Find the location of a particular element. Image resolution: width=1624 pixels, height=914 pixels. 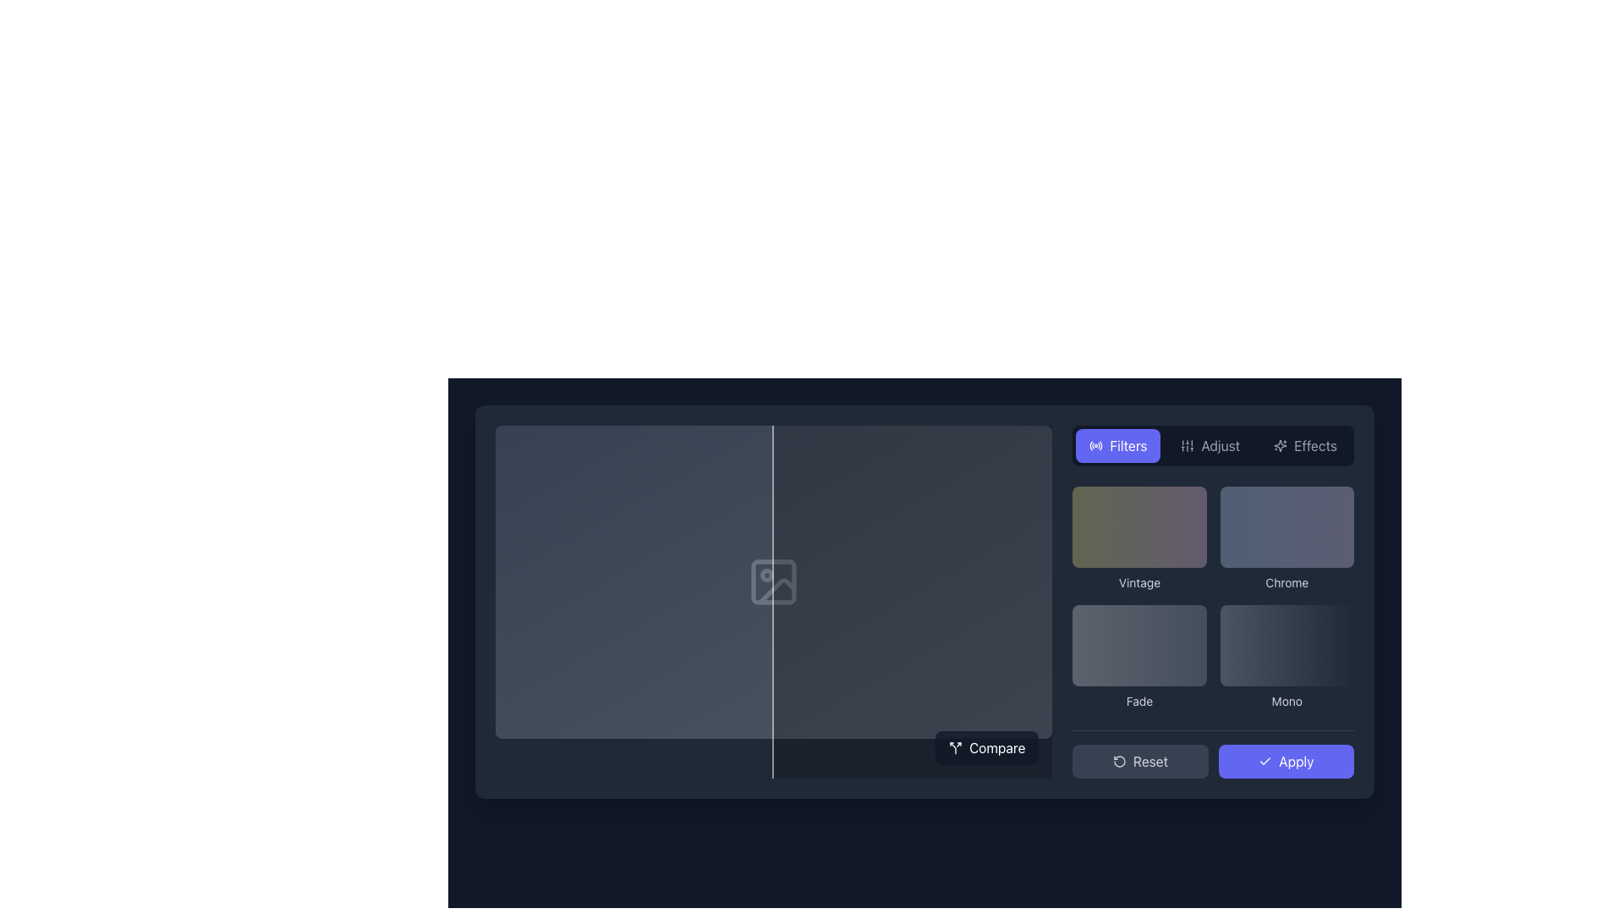

the 'Filters' button is located at coordinates (1118, 445).